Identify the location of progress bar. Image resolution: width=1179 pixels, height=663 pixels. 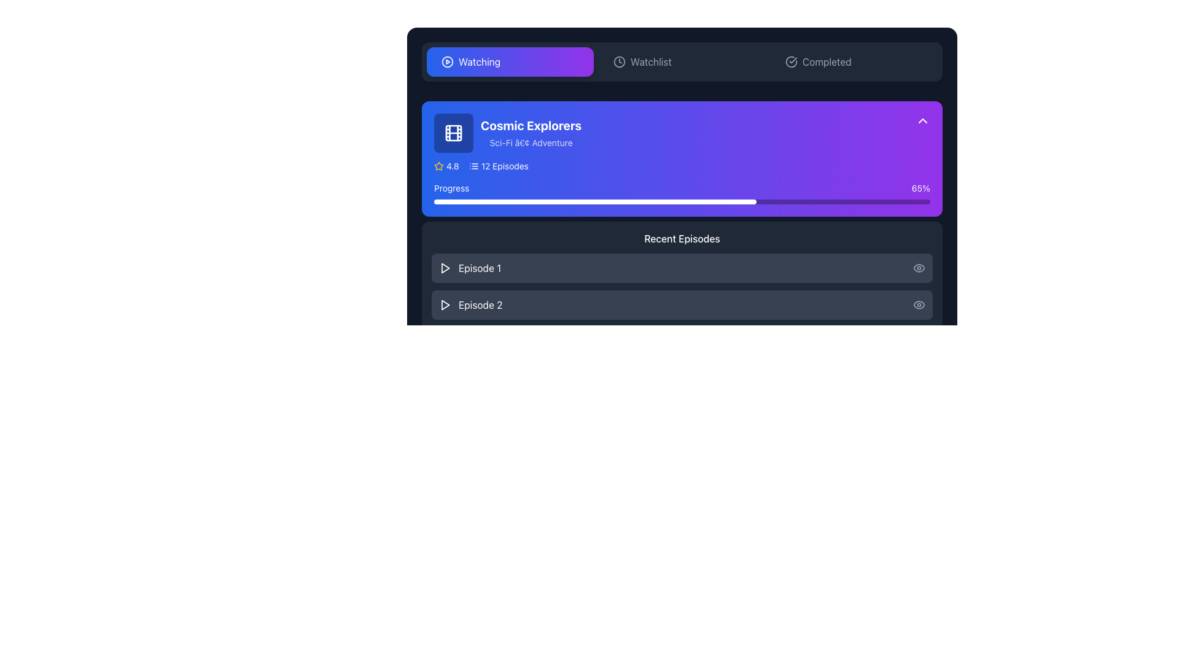
(756, 201).